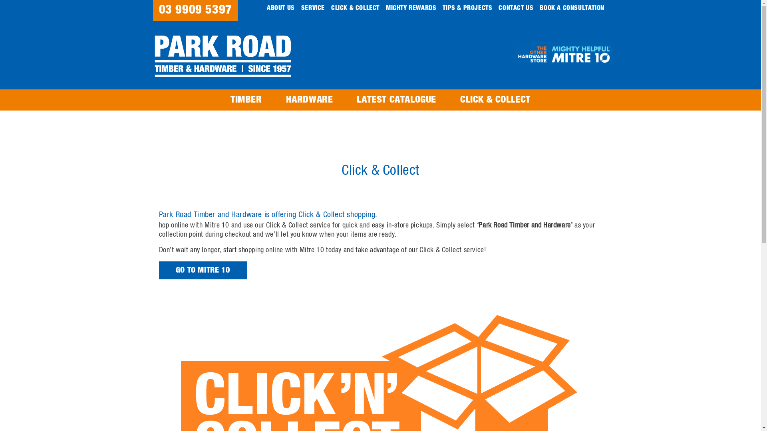  What do you see at coordinates (467, 8) in the screenshot?
I see `'TIPS & PROJECTS'` at bounding box center [467, 8].